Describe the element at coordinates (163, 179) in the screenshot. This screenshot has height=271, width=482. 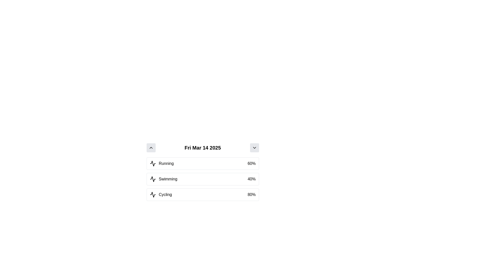
I see `the 'Swimming' text label, which is the second item in the list of activities, located between 'Running' and 'Cycling', providing an informational role for users to identify the activity type` at that location.